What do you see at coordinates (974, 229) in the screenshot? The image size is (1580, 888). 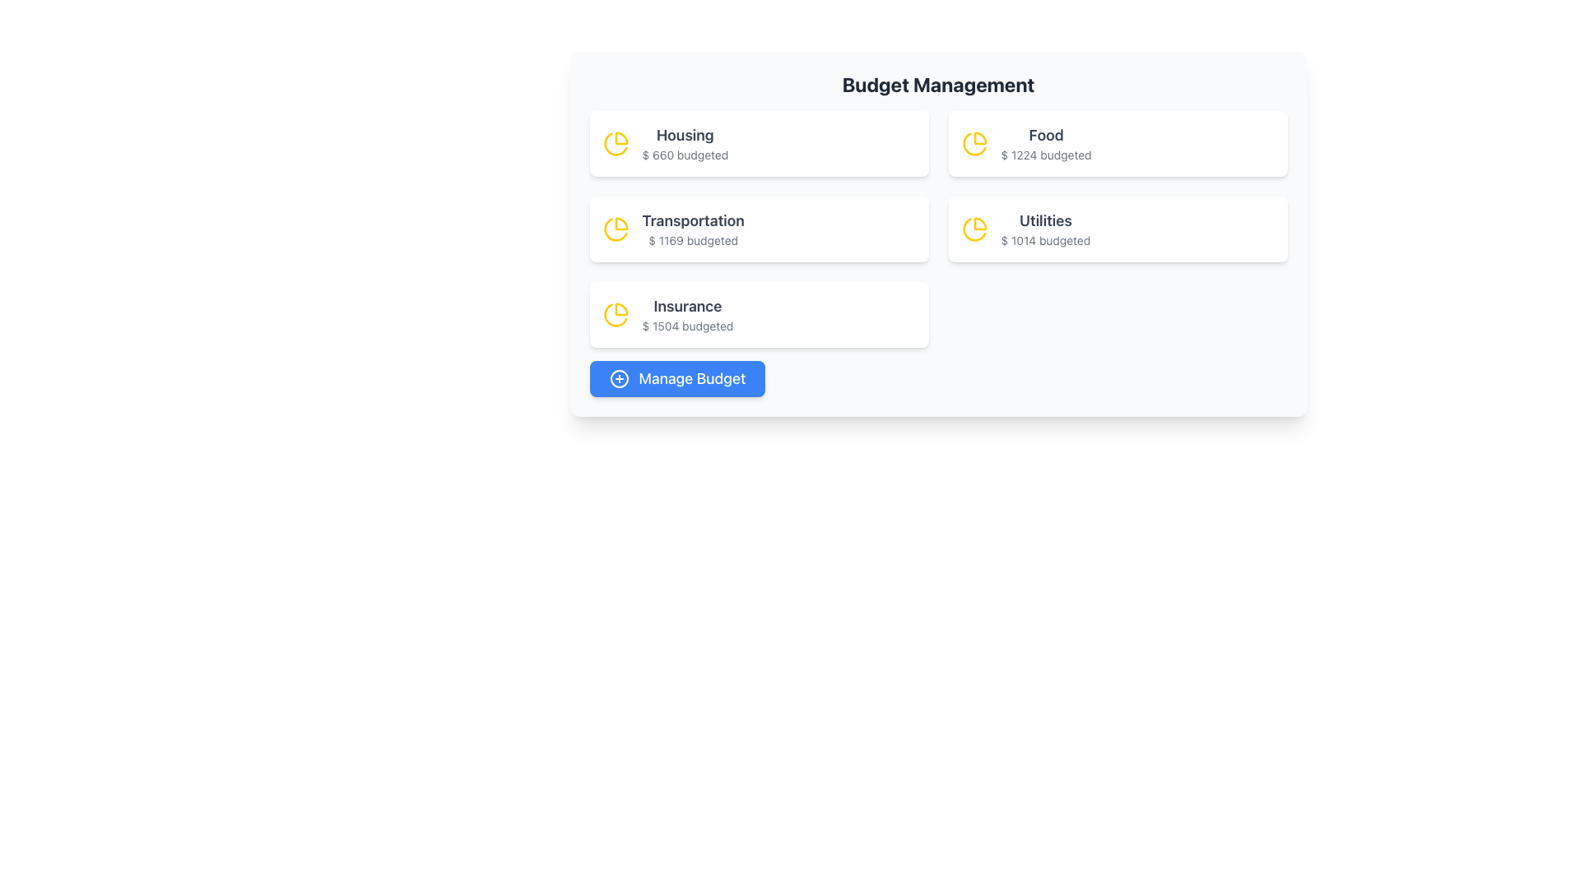 I see `the graphical representation of the 'Utilities' icon located in the top-left corner of the 'Utilities' card in the 'Budget Management' section` at bounding box center [974, 229].